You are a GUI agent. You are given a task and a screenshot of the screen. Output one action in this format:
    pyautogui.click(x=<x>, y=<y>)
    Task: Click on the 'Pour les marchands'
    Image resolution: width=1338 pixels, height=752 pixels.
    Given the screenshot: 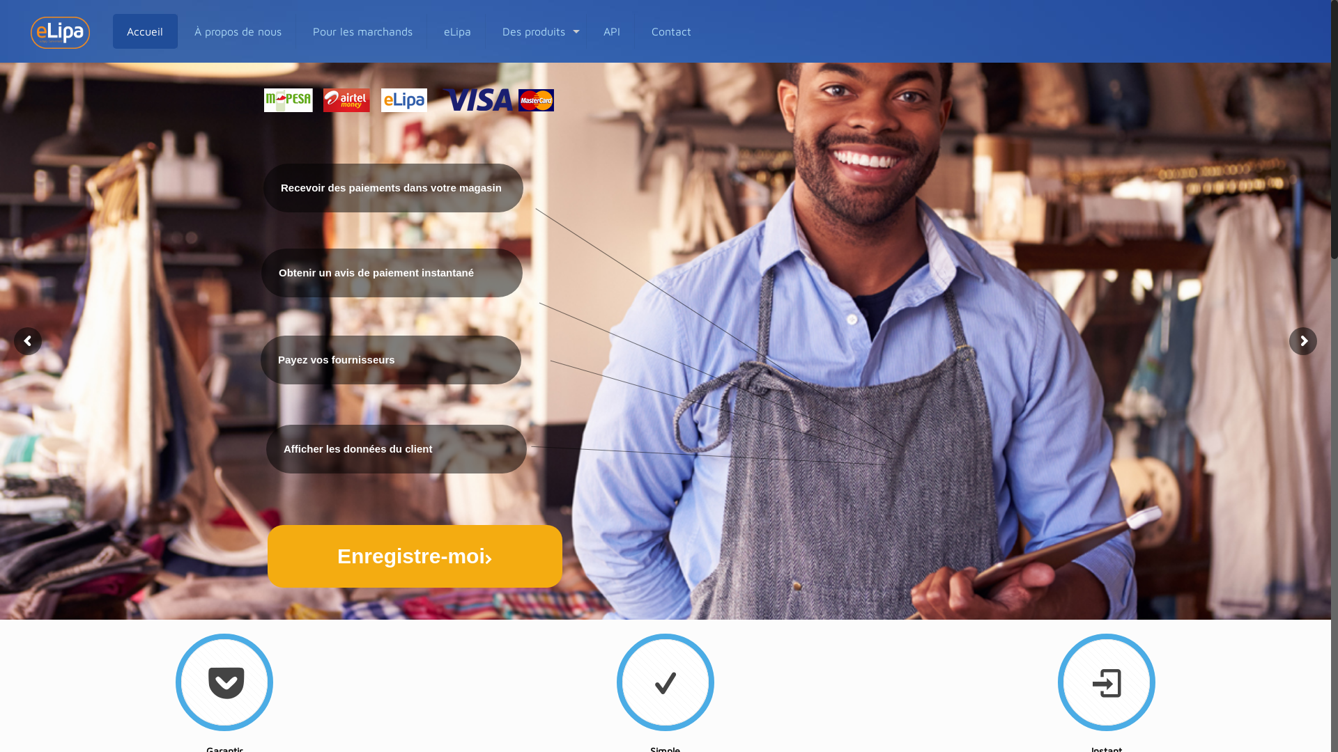 What is the action you would take?
    pyautogui.click(x=298, y=31)
    